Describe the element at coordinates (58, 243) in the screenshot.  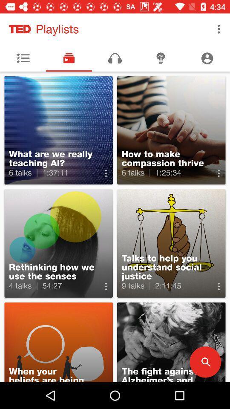
I see `first option in second row` at that location.